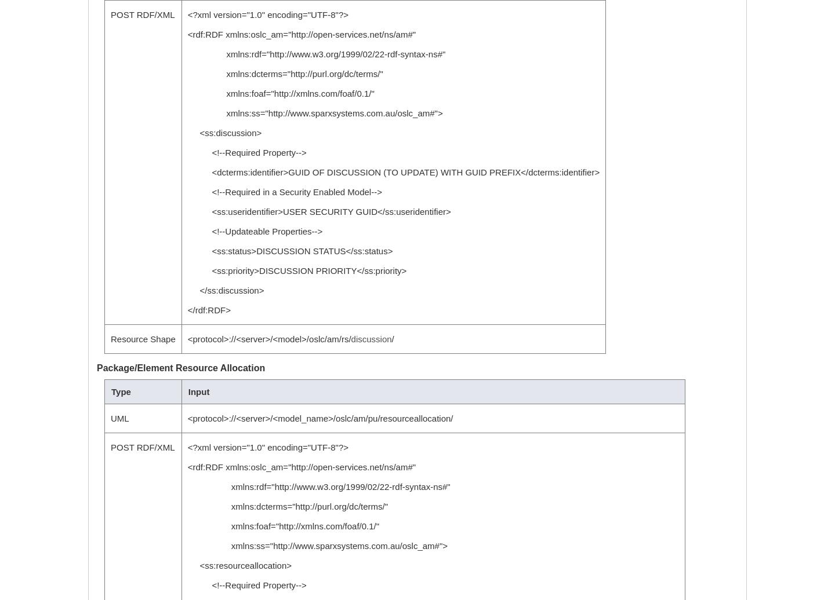  What do you see at coordinates (284, 192) in the screenshot?
I see `'<!--Required in a Security Enabled Model-->'` at bounding box center [284, 192].